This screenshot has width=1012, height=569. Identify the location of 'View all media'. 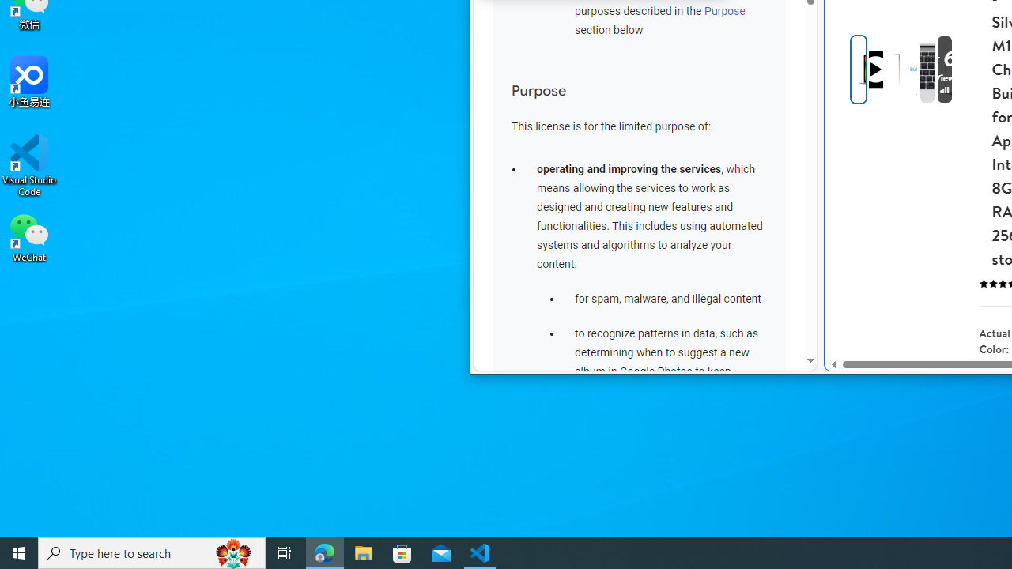
(969, 69).